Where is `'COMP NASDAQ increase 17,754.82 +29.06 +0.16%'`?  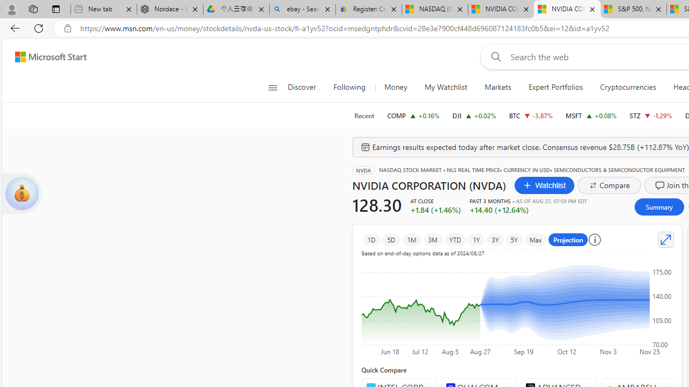 'COMP NASDAQ increase 17,754.82 +29.06 +0.16%' is located at coordinates (413, 115).